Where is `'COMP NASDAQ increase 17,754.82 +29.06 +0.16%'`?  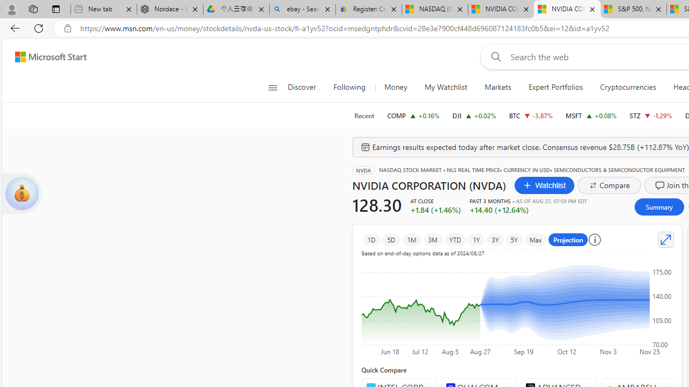 'COMP NASDAQ increase 17,754.82 +29.06 +0.16%' is located at coordinates (413, 115).